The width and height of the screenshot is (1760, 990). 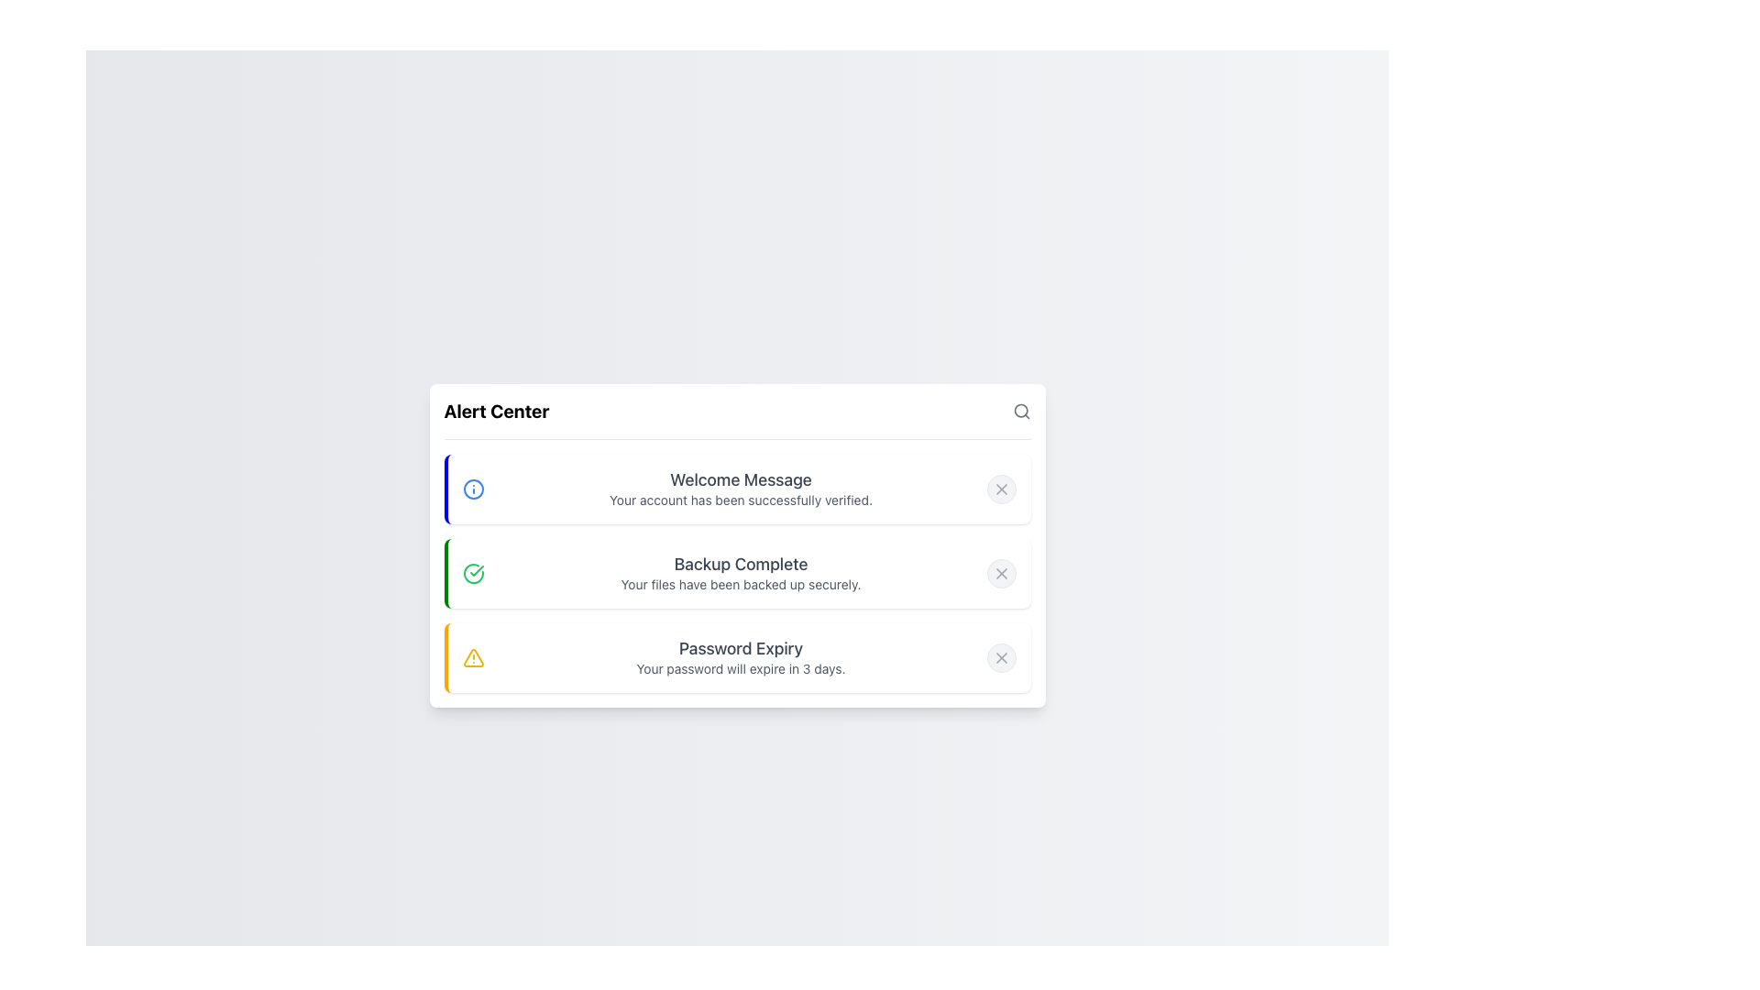 I want to click on the text element that provides additional information about the backup process, located within the 'Backup Complete' notification card, so click(x=741, y=584).